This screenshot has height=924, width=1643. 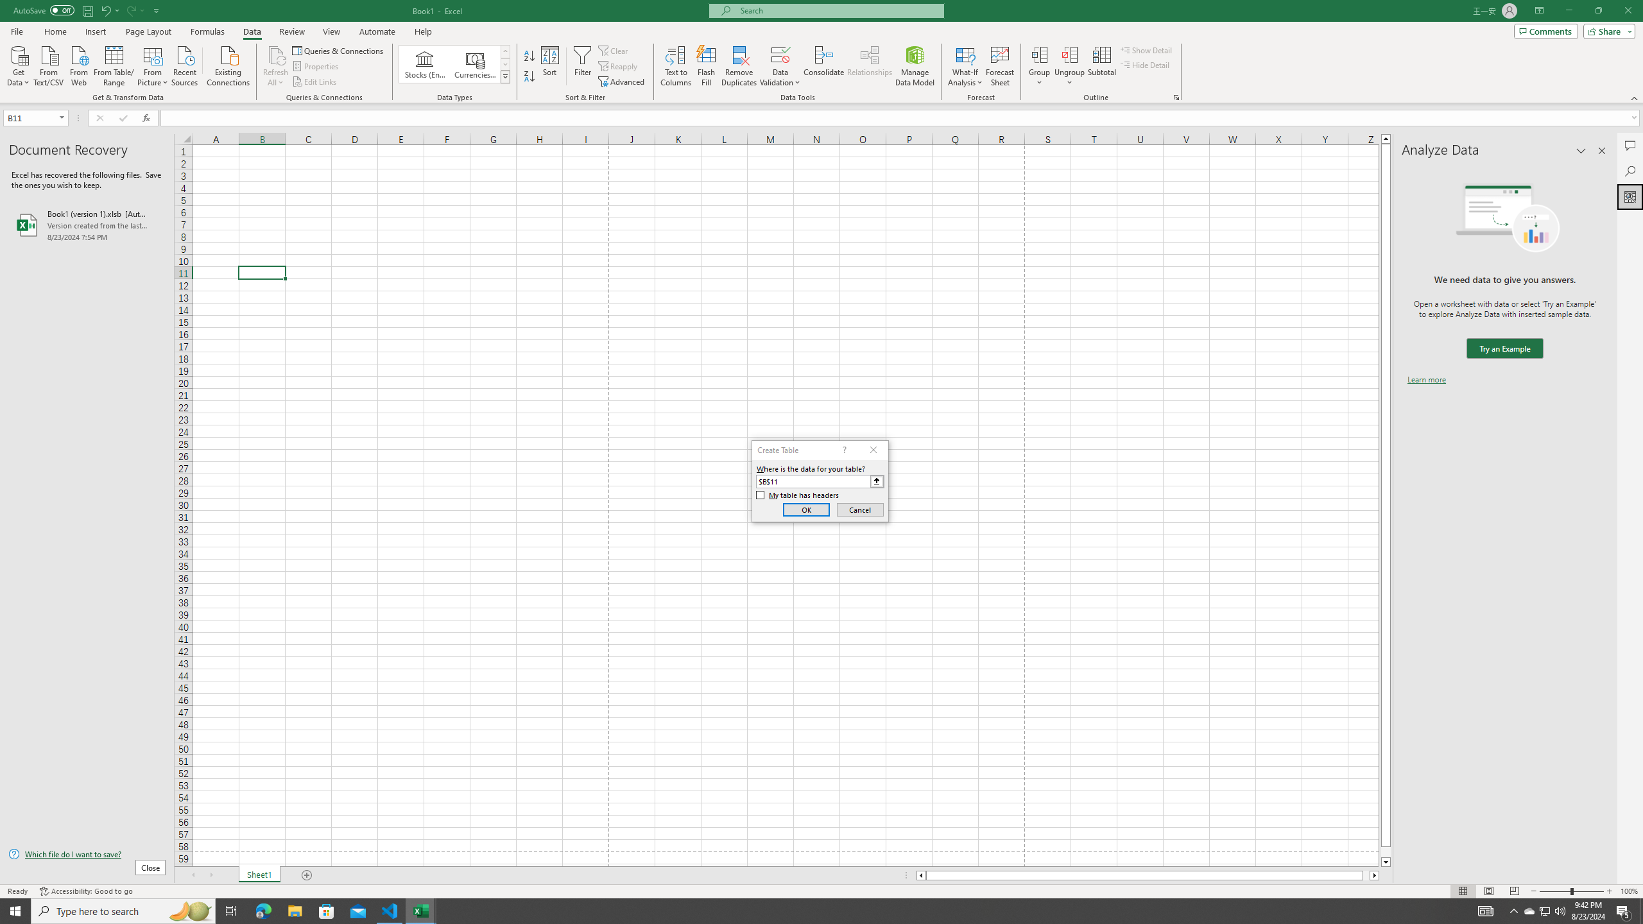 What do you see at coordinates (619, 66) in the screenshot?
I see `'Reapply'` at bounding box center [619, 66].